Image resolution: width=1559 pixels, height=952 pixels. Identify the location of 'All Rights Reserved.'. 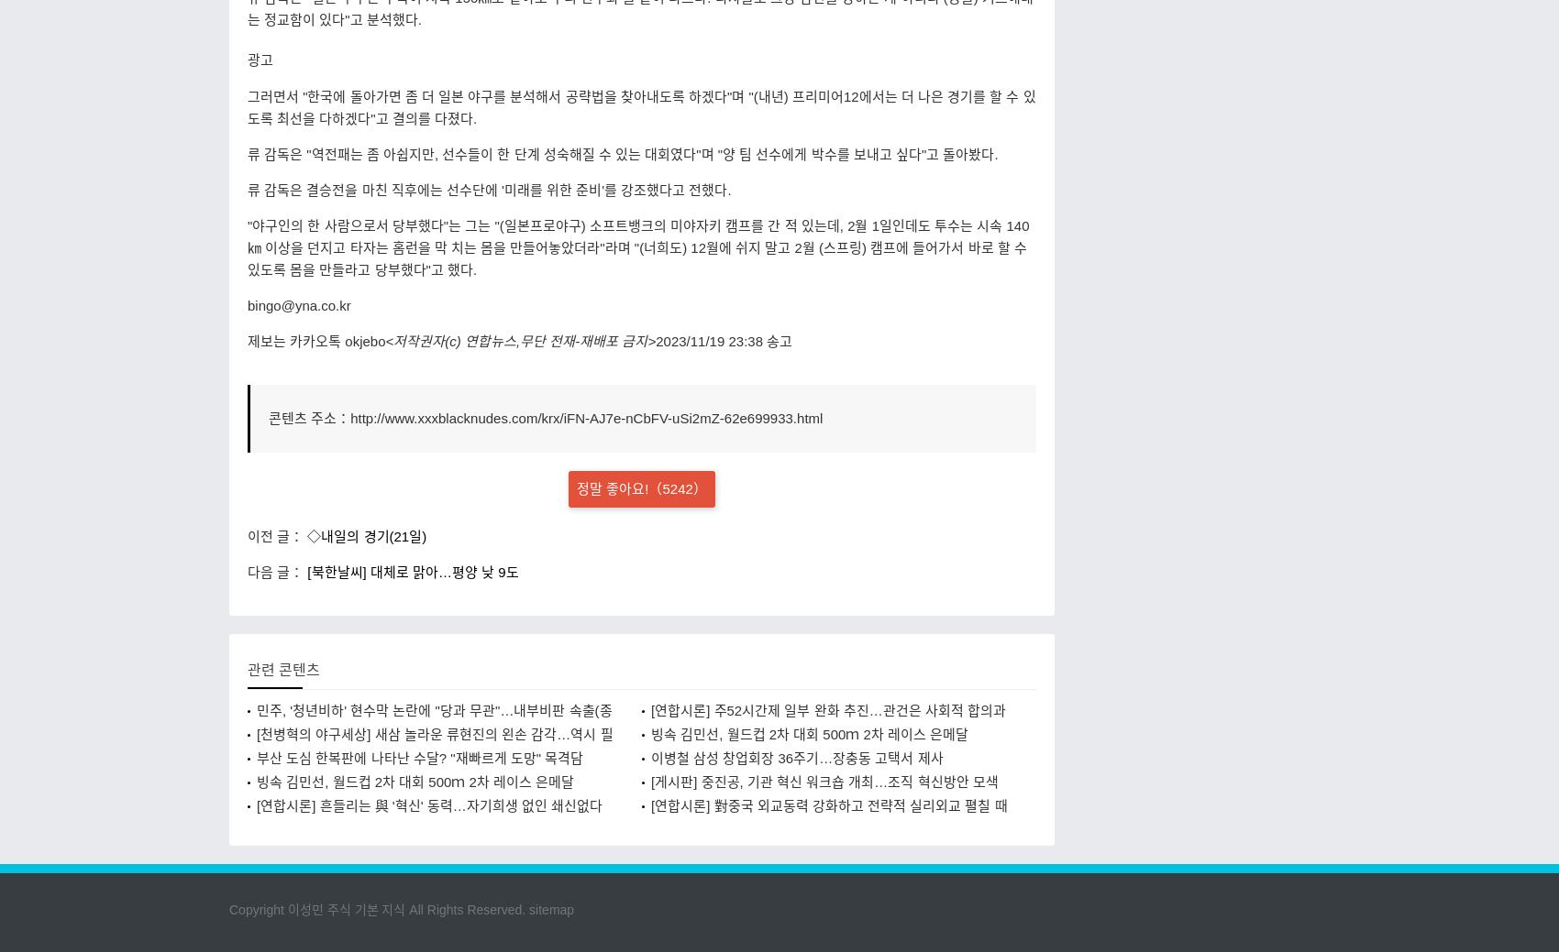
(405, 909).